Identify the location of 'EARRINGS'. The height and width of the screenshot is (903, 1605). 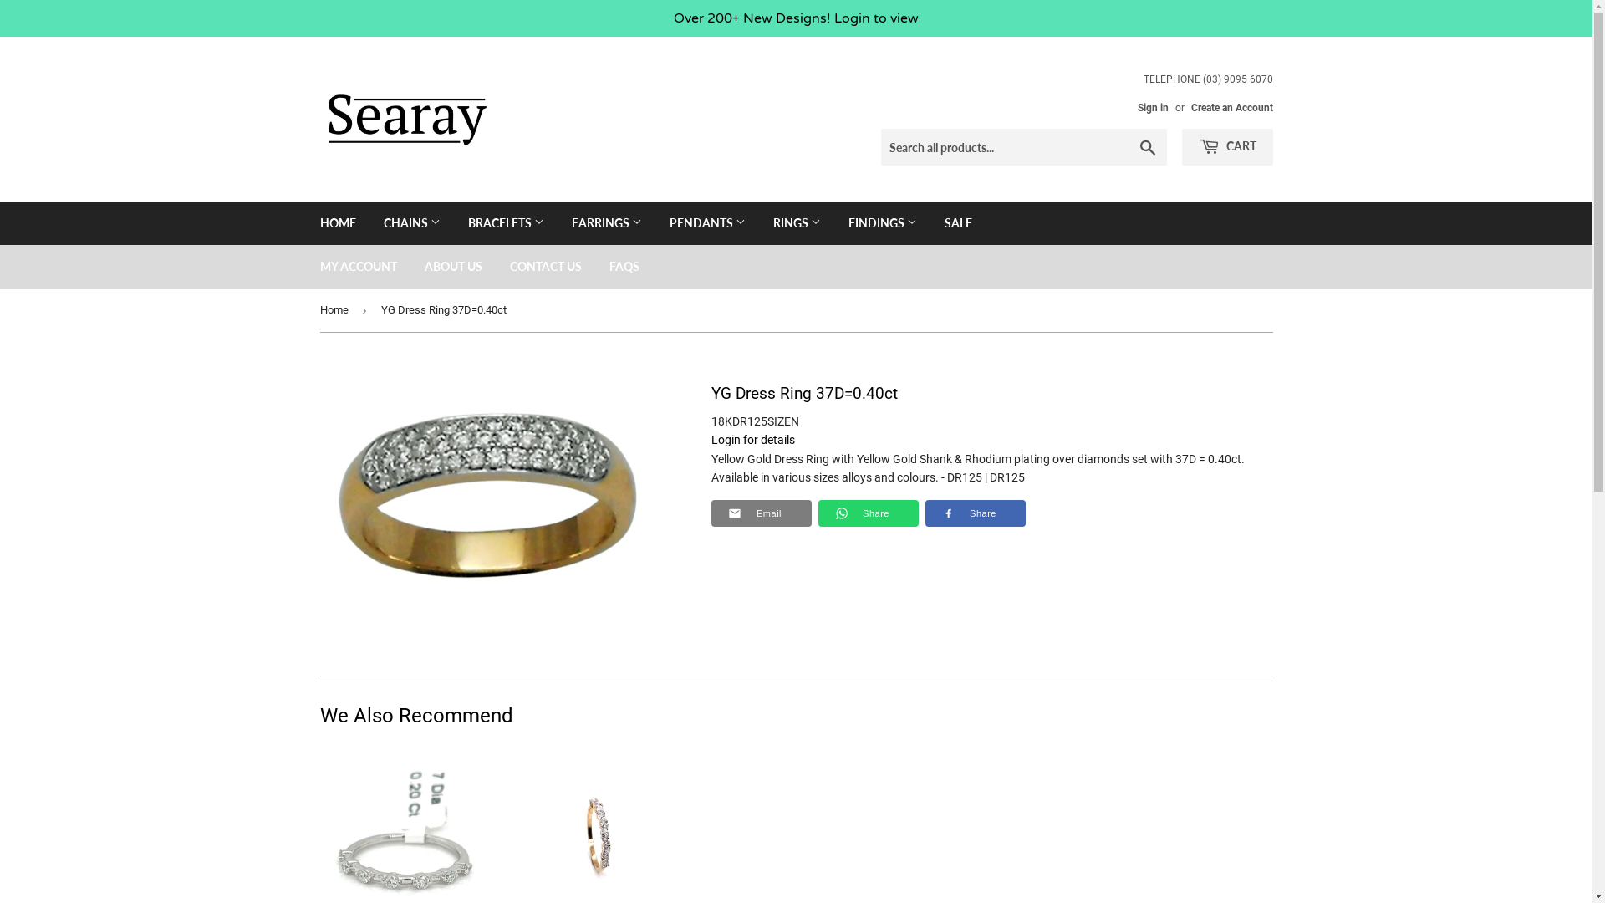
(604, 222).